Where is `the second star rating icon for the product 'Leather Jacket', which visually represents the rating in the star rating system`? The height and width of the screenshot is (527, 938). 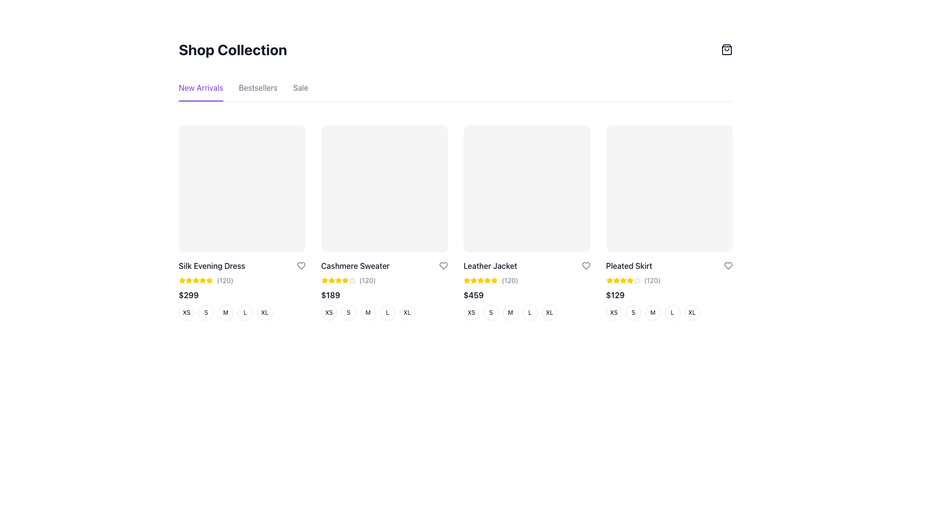 the second star rating icon for the product 'Leather Jacket', which visually represents the rating in the star rating system is located at coordinates (473, 280).